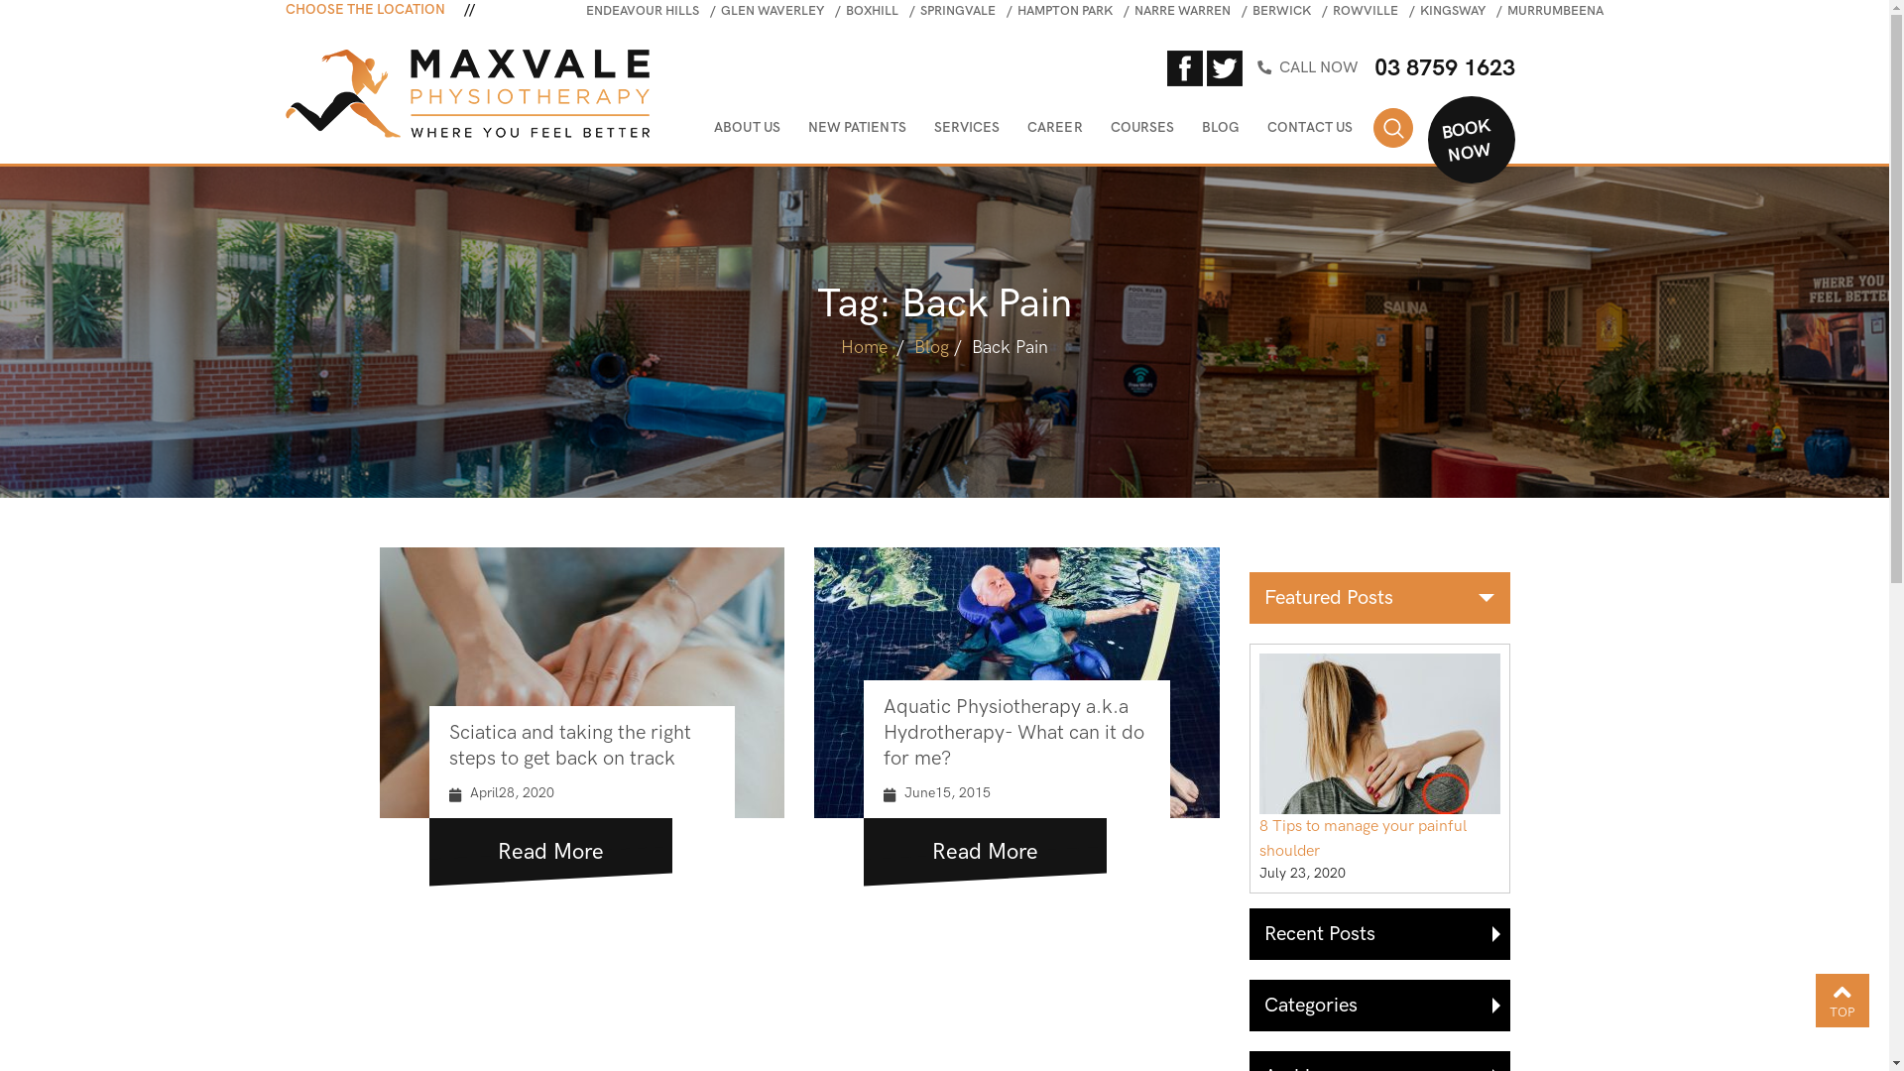  Describe the element at coordinates (1142, 131) in the screenshot. I see `'COURSES'` at that location.